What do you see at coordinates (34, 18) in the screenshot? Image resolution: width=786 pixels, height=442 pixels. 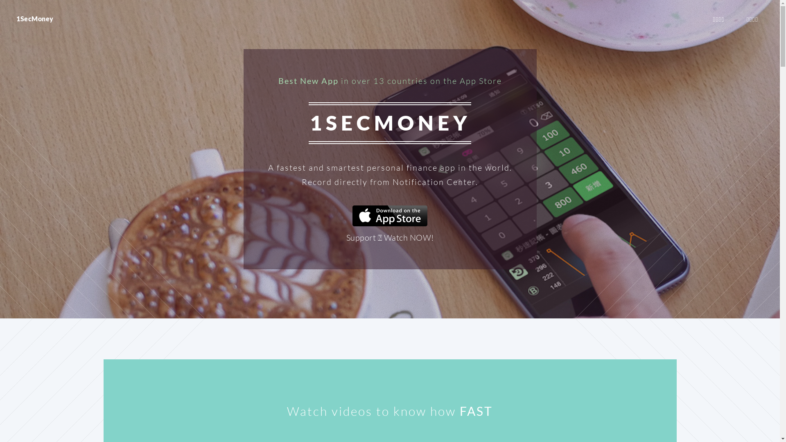 I see `'1SecMoney'` at bounding box center [34, 18].